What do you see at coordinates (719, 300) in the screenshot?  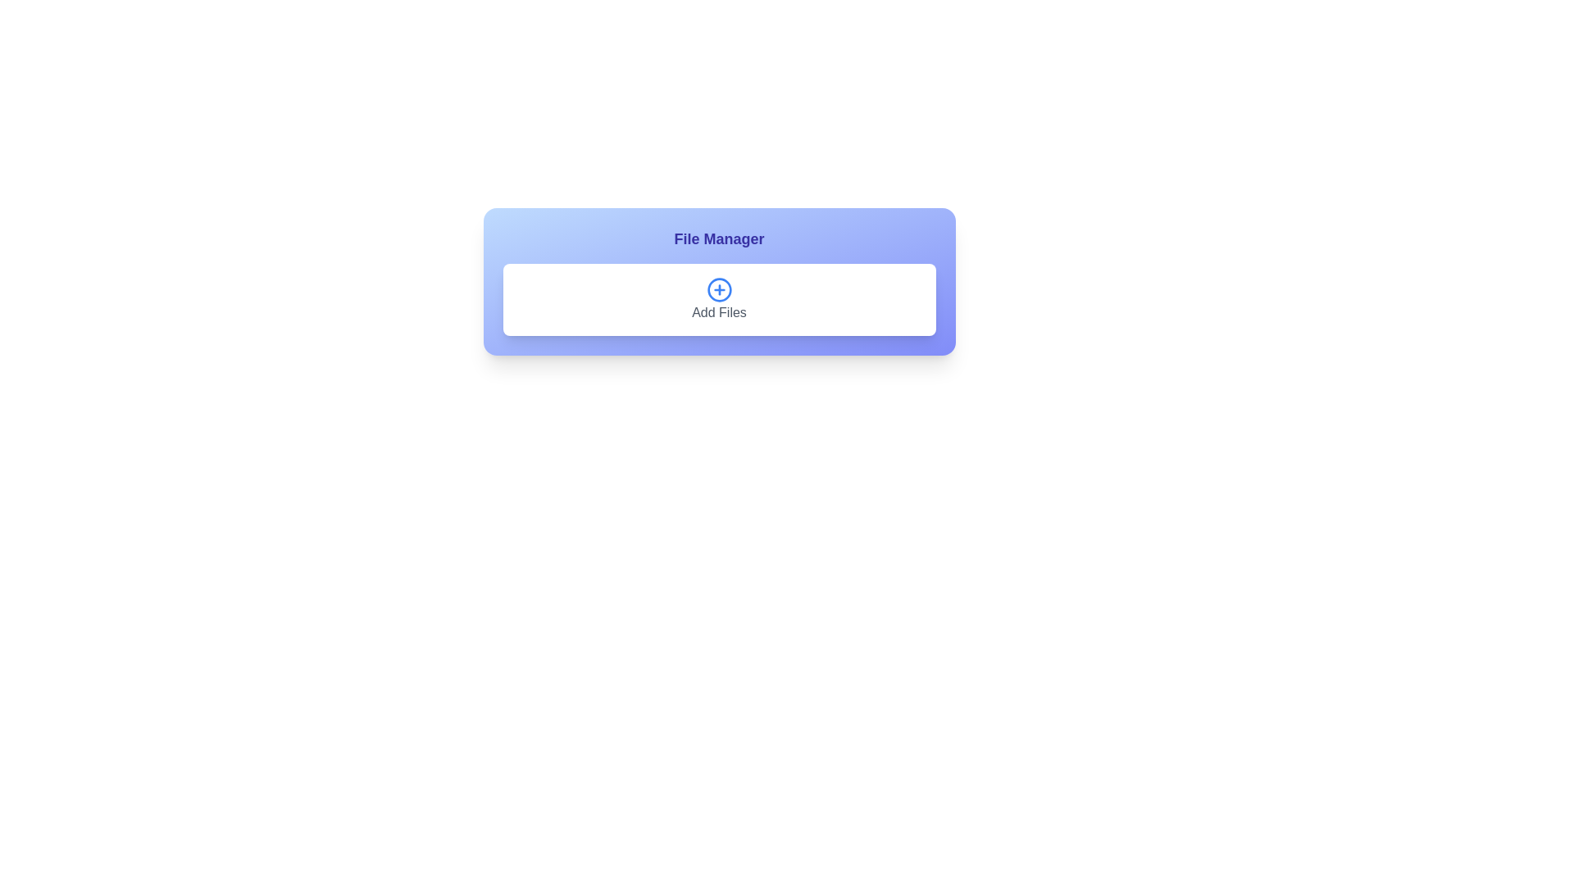 I see `the file upload button located in the top-middle portion of the white box with a shadow in the blue gradient panel labeled 'File Manager'` at bounding box center [719, 300].